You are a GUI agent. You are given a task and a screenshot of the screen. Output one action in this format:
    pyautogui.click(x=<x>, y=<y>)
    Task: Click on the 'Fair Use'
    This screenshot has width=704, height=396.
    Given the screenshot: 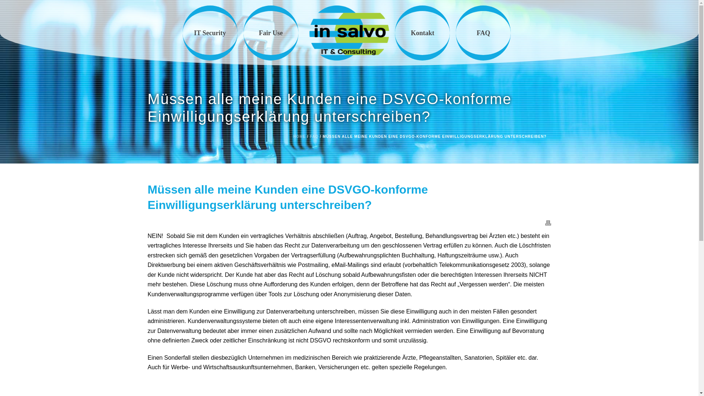 What is the action you would take?
    pyautogui.click(x=243, y=32)
    